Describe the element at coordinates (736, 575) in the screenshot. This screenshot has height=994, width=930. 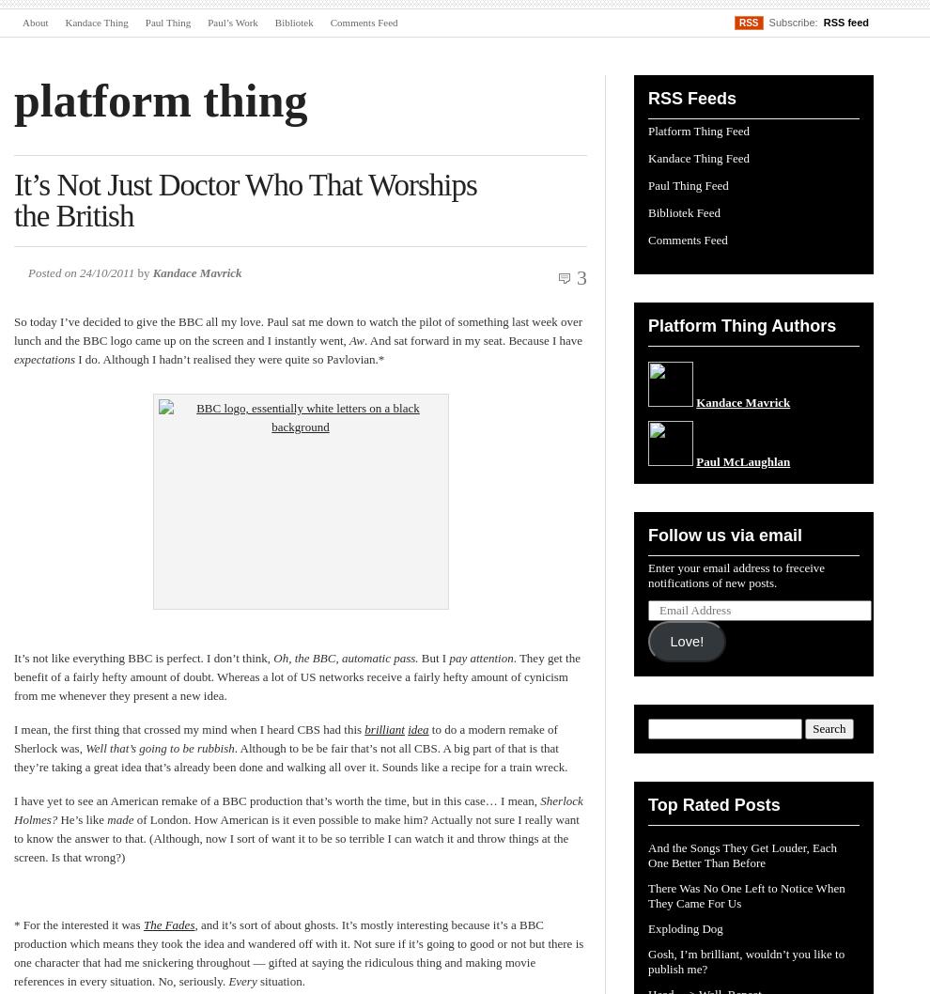
I see `'Enter your email address to freceive notifications of new posts.'` at that location.